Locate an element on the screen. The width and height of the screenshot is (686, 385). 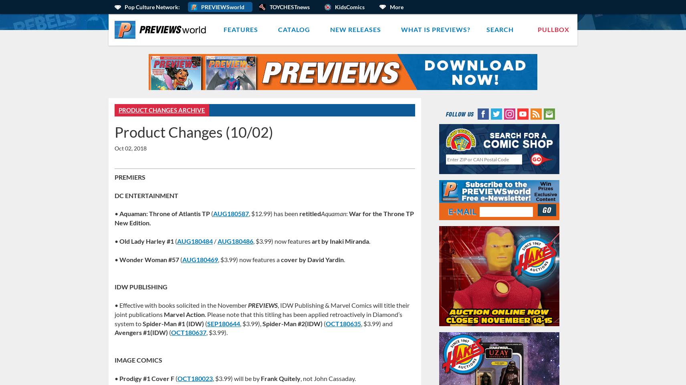
'Aquaman' is located at coordinates (333, 213).